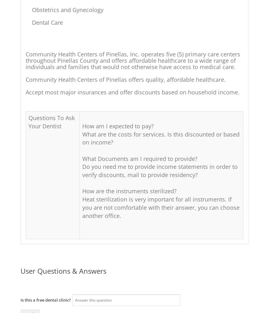 The width and height of the screenshot is (269, 313). Describe the element at coordinates (81, 191) in the screenshot. I see `'How are the instruments sterilized?'` at that location.